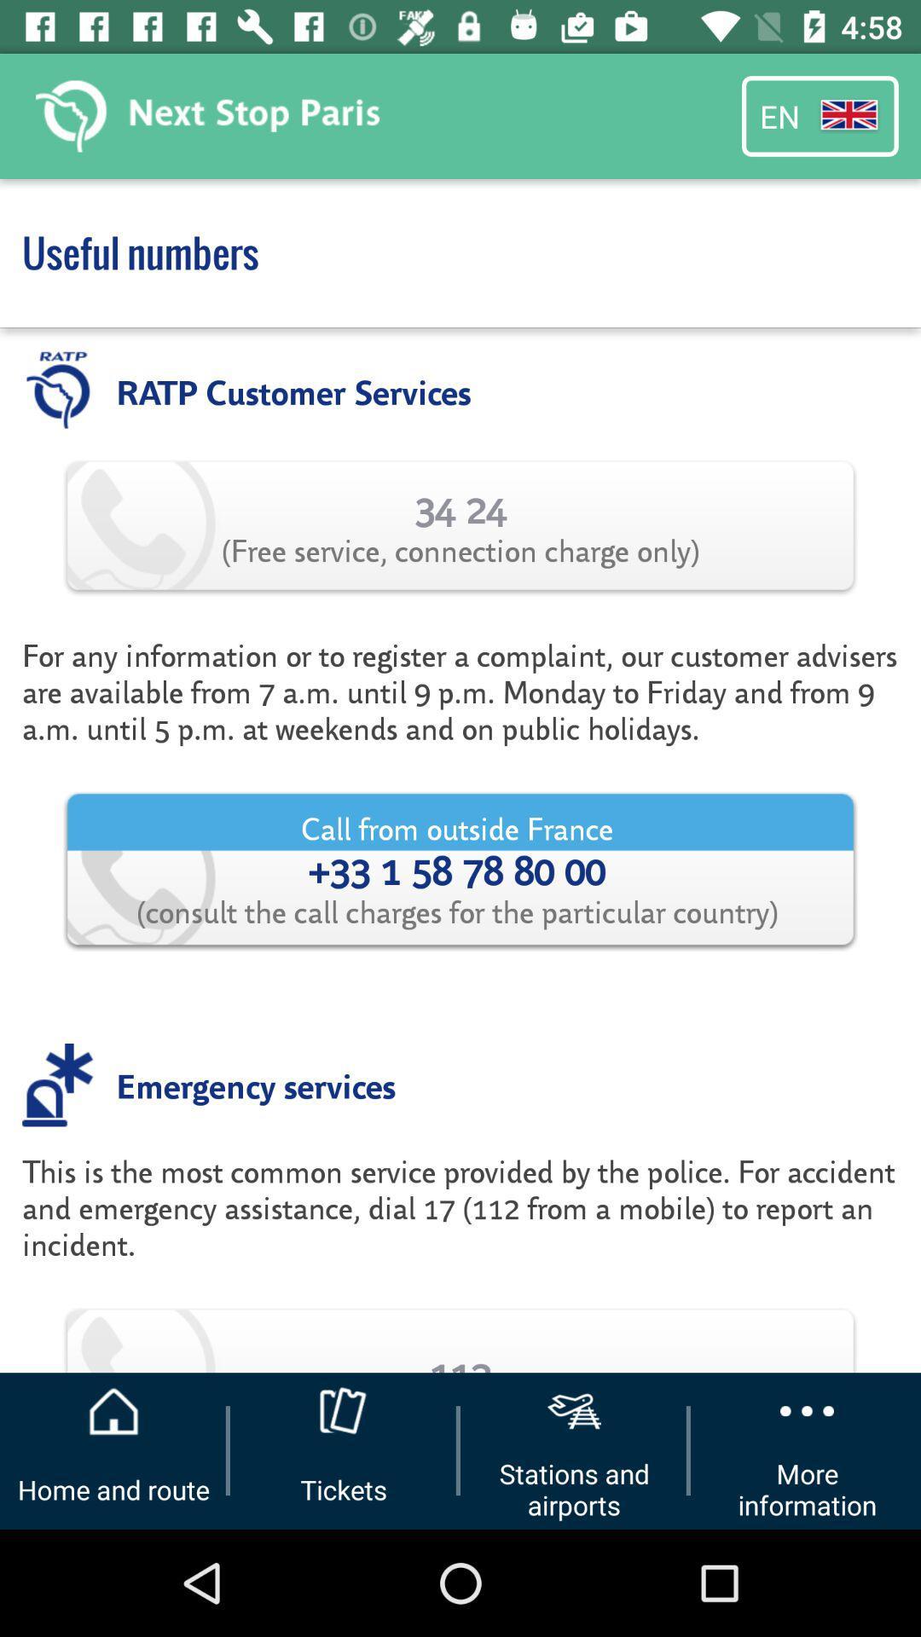  What do you see at coordinates (256, 1084) in the screenshot?
I see `item below call from outside app` at bounding box center [256, 1084].